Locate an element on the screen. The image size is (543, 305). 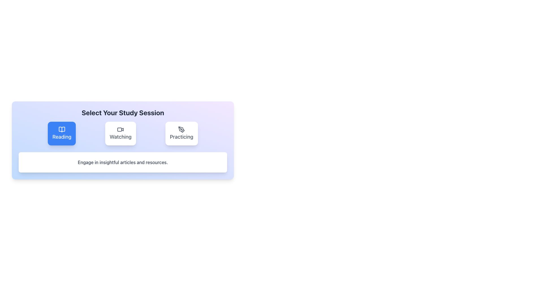
the 'Watching' icon located at the top center of the button labeled 'Watching', which indicates video-based content is located at coordinates (120, 130).